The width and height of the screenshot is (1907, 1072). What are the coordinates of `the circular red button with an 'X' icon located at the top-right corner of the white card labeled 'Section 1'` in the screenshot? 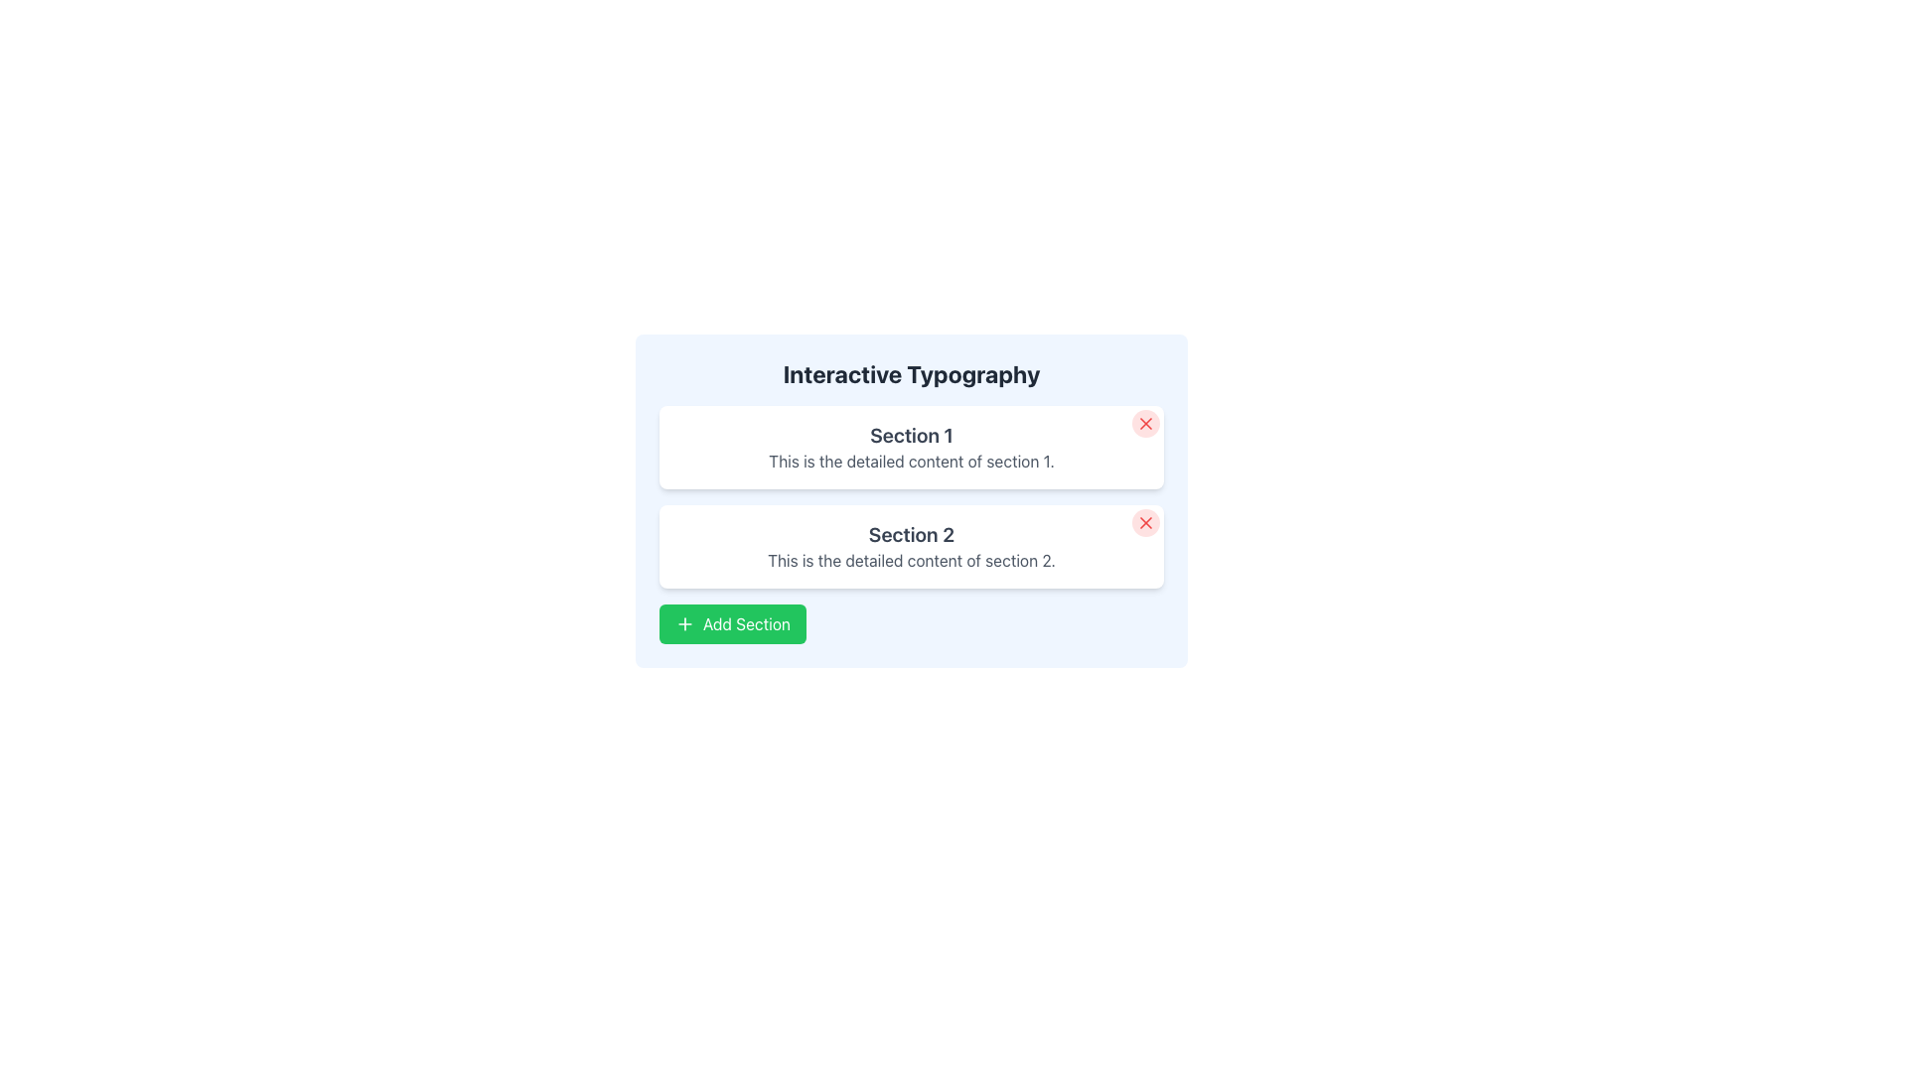 It's located at (1145, 423).